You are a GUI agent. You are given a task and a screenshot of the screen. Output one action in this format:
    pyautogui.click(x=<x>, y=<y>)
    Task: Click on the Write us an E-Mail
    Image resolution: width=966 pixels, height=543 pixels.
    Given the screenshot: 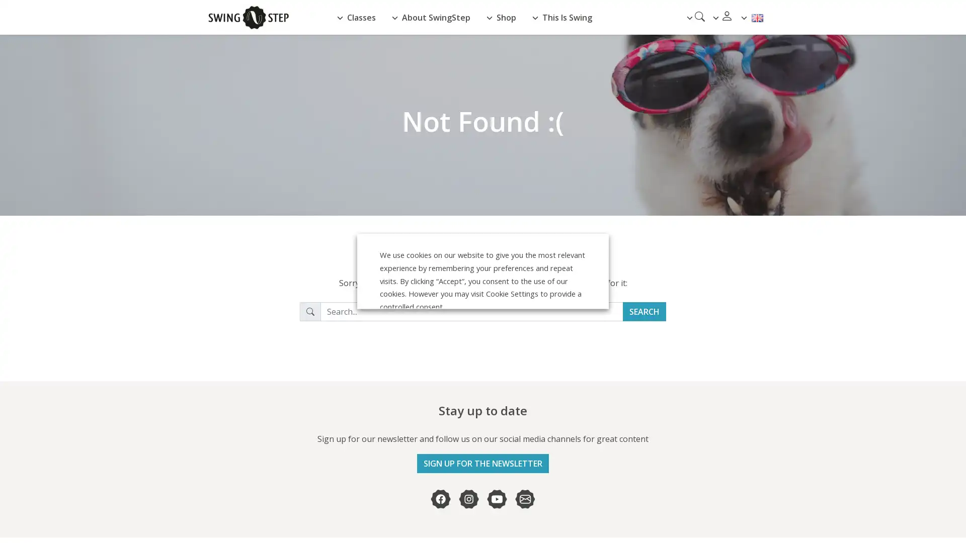 What is the action you would take?
    pyautogui.click(x=524, y=499)
    